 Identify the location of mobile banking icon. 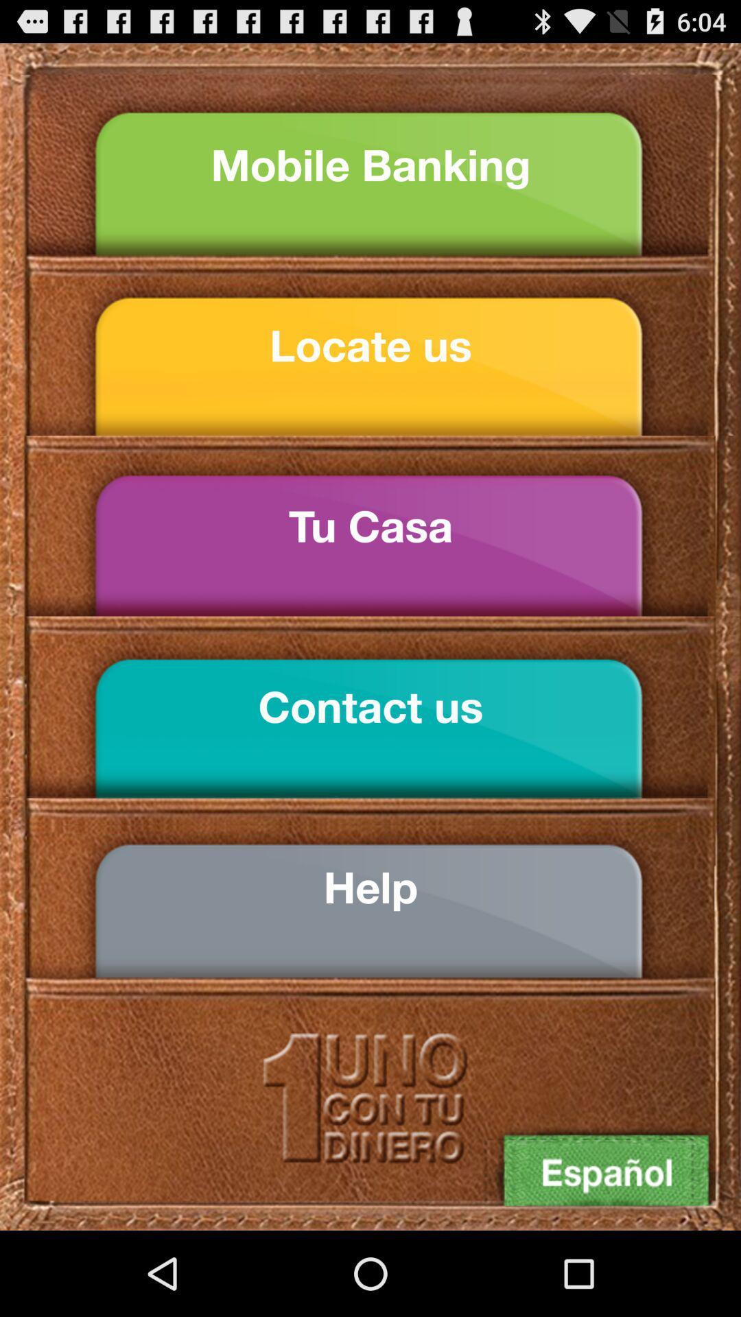
(370, 165).